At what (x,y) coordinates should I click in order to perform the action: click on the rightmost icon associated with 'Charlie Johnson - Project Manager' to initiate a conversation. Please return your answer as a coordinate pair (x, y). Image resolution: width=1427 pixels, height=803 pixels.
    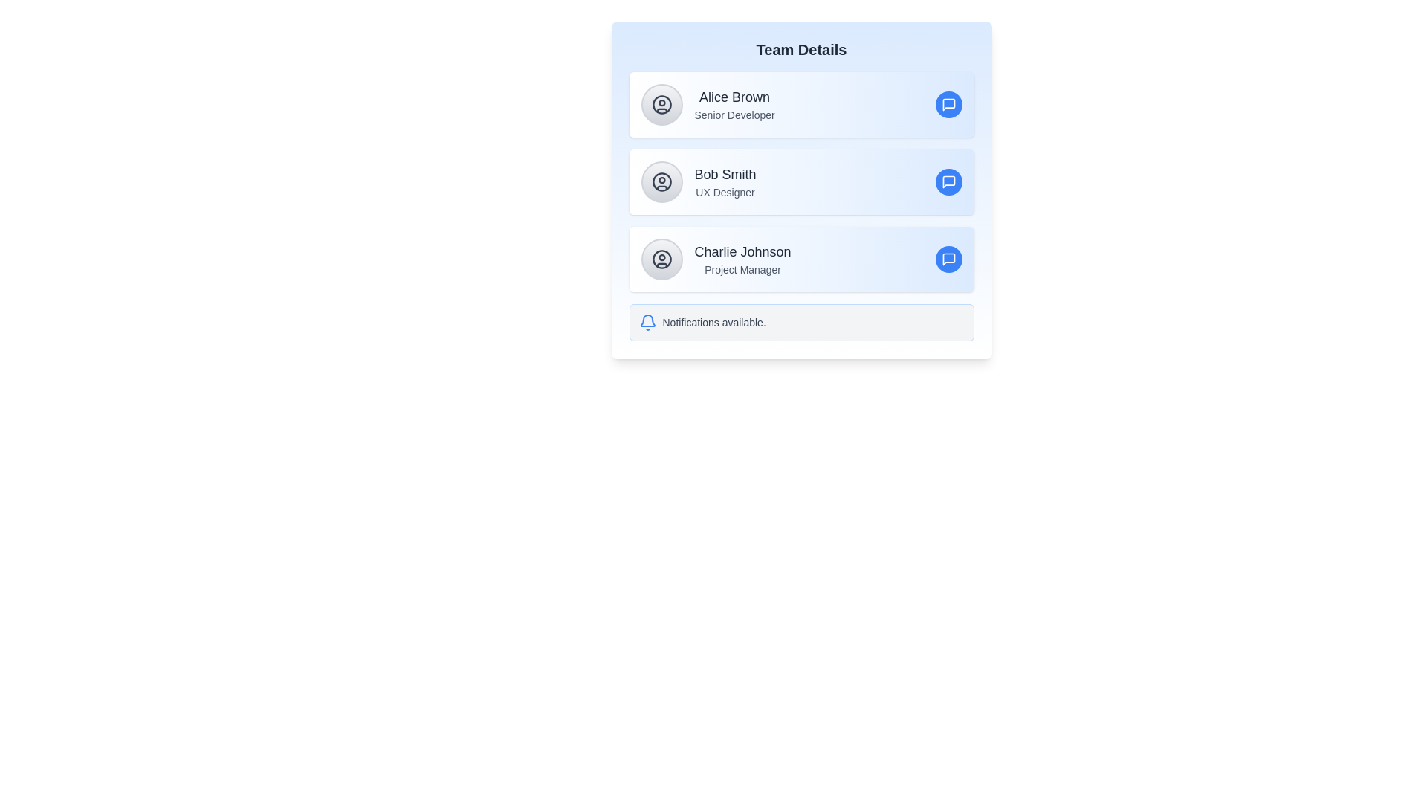
    Looking at the image, I should click on (948, 258).